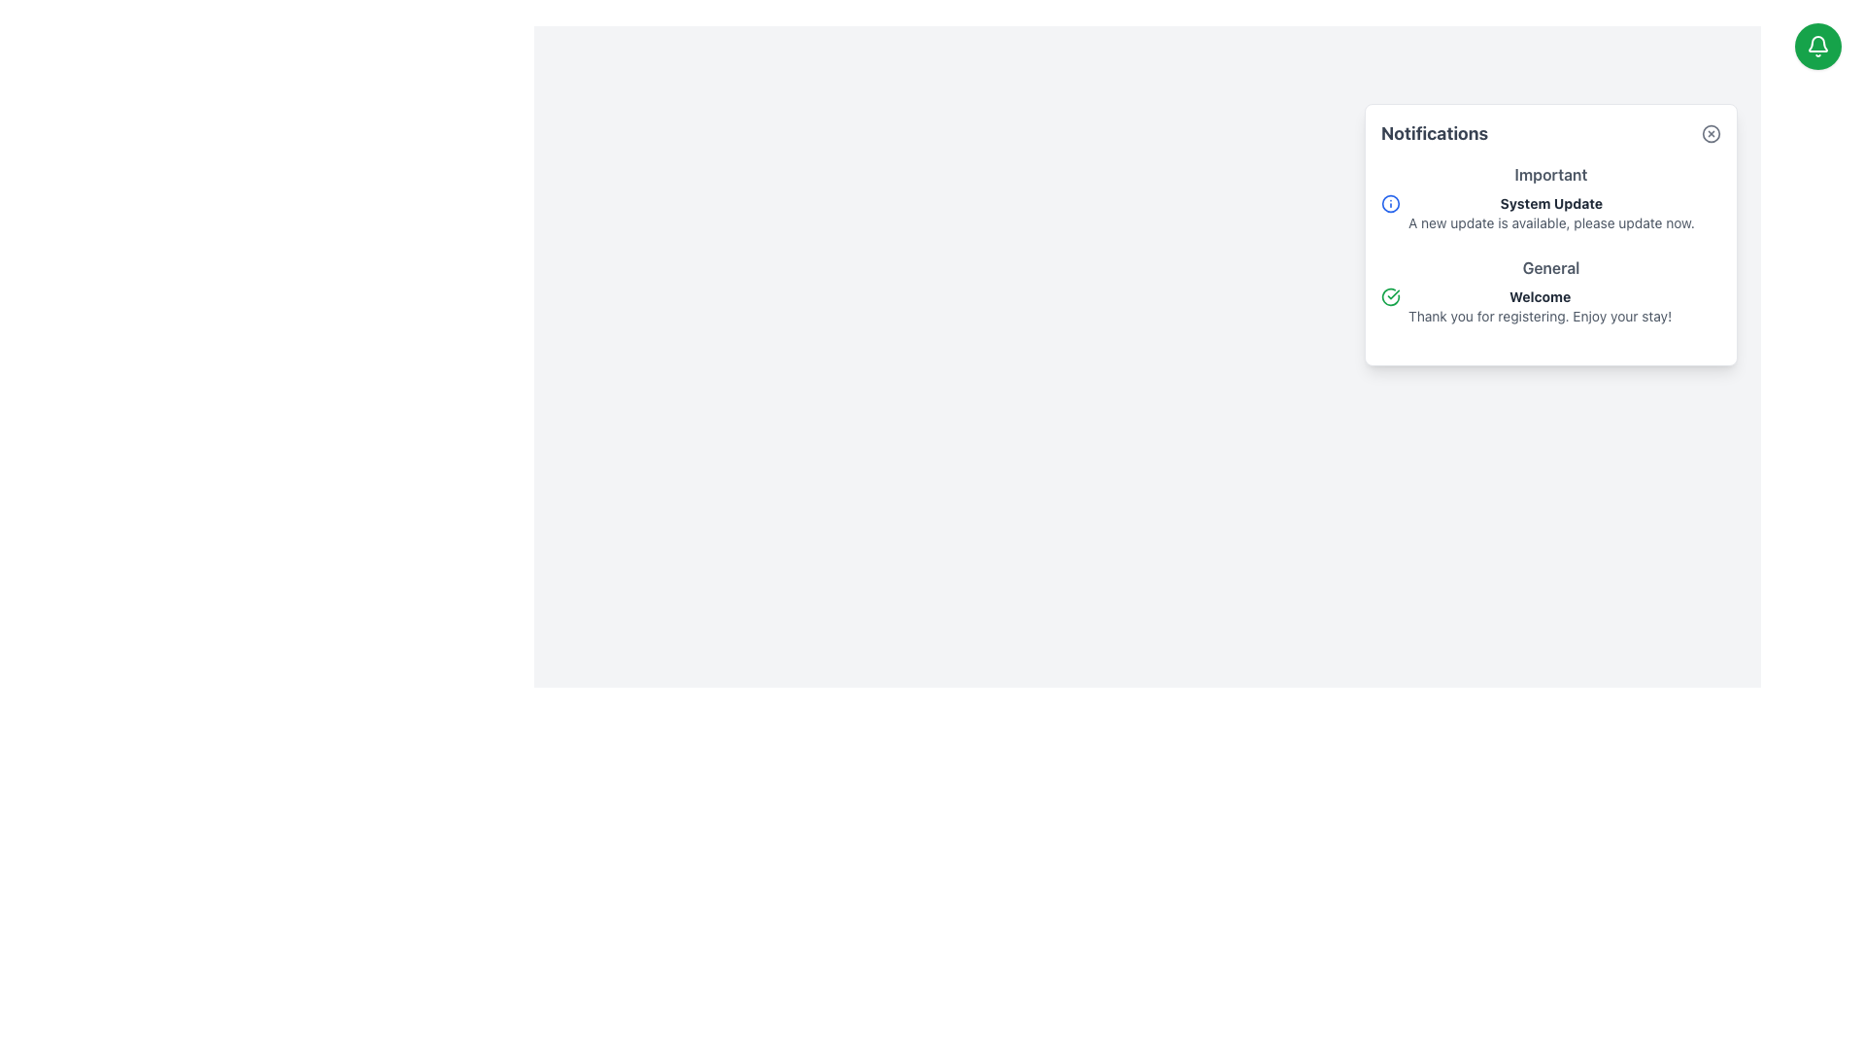 This screenshot has width=1865, height=1049. Describe the element at coordinates (1539, 316) in the screenshot. I see `the informational text element located in the notification panel under the 'General' category, positioned beneath the 'Welcome' heading` at that location.